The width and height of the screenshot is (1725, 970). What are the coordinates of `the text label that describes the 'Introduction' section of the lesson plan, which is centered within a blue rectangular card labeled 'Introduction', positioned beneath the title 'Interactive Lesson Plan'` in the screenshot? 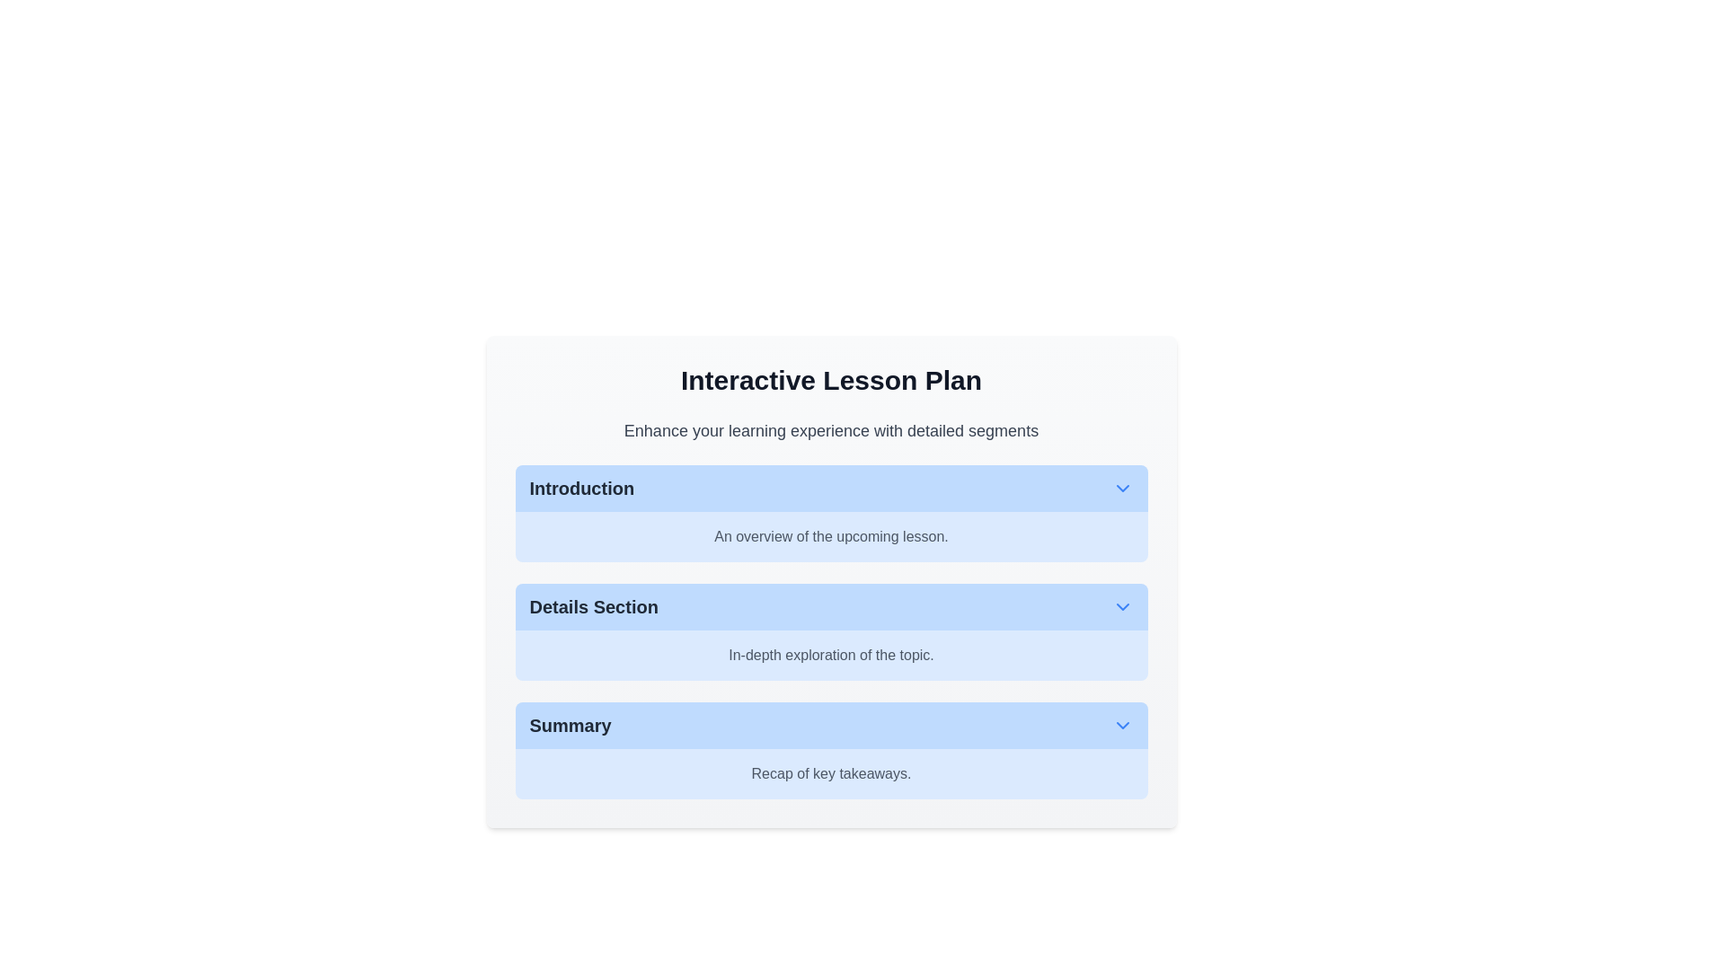 It's located at (830, 535).